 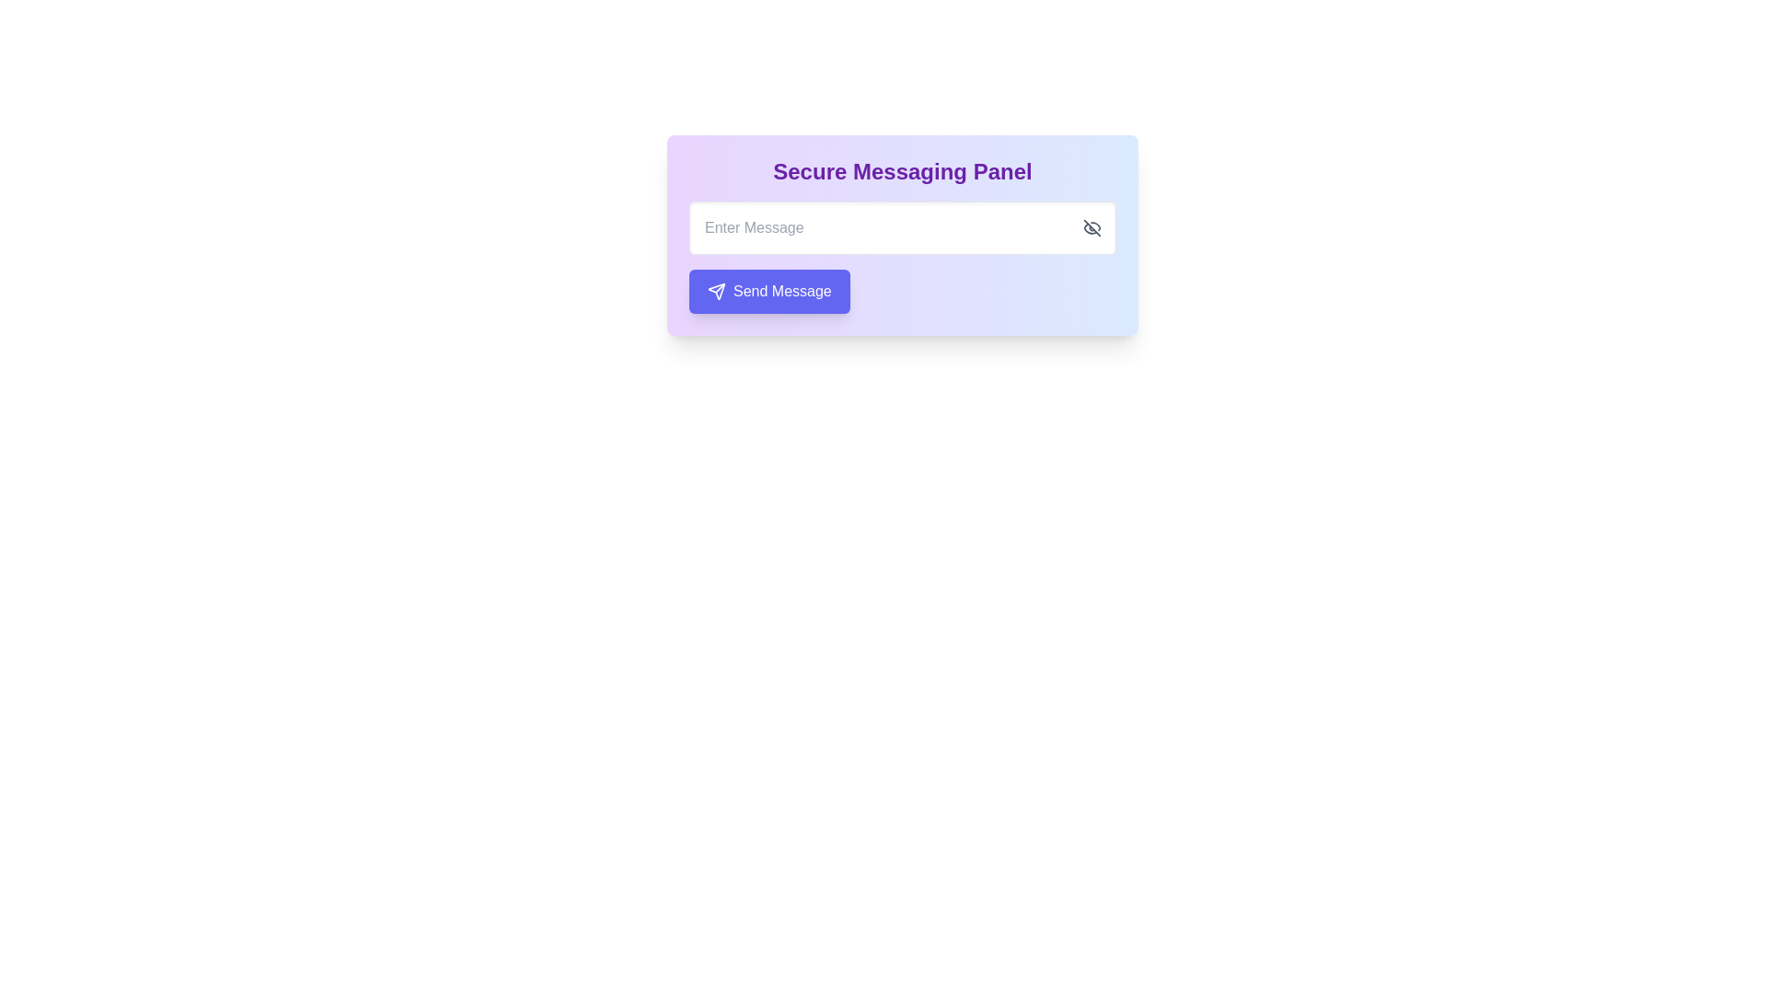 What do you see at coordinates (1091, 226) in the screenshot?
I see `the visibility off button, which is a small gray eye icon with a diagonal line through it, located at the right end of the password input field` at bounding box center [1091, 226].